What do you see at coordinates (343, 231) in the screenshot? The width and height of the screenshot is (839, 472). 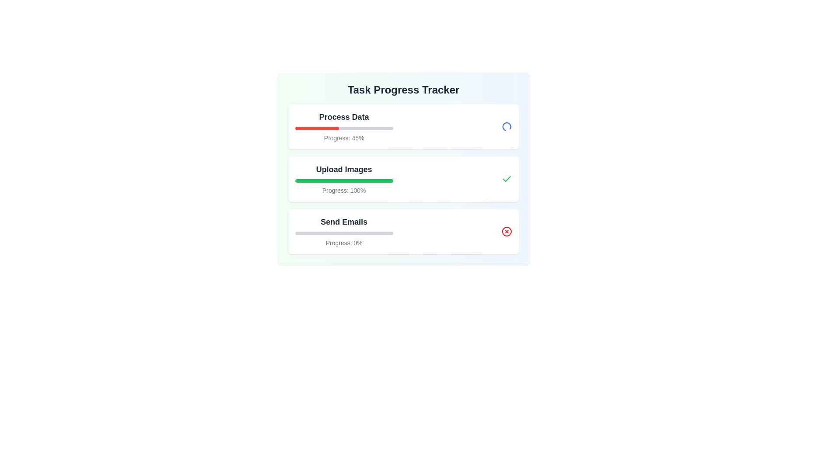 I see `the progress bar of the 'Send Emails' task in the 'Task Progress Tracker' section` at bounding box center [343, 231].